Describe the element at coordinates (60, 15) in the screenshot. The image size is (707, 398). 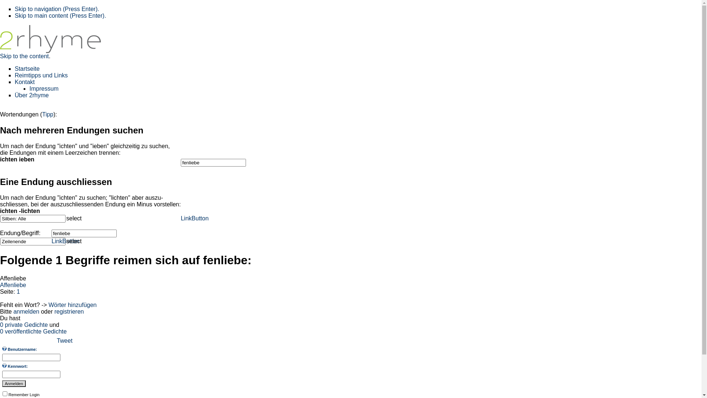
I see `'Skip to main content (Press Enter).'` at that location.